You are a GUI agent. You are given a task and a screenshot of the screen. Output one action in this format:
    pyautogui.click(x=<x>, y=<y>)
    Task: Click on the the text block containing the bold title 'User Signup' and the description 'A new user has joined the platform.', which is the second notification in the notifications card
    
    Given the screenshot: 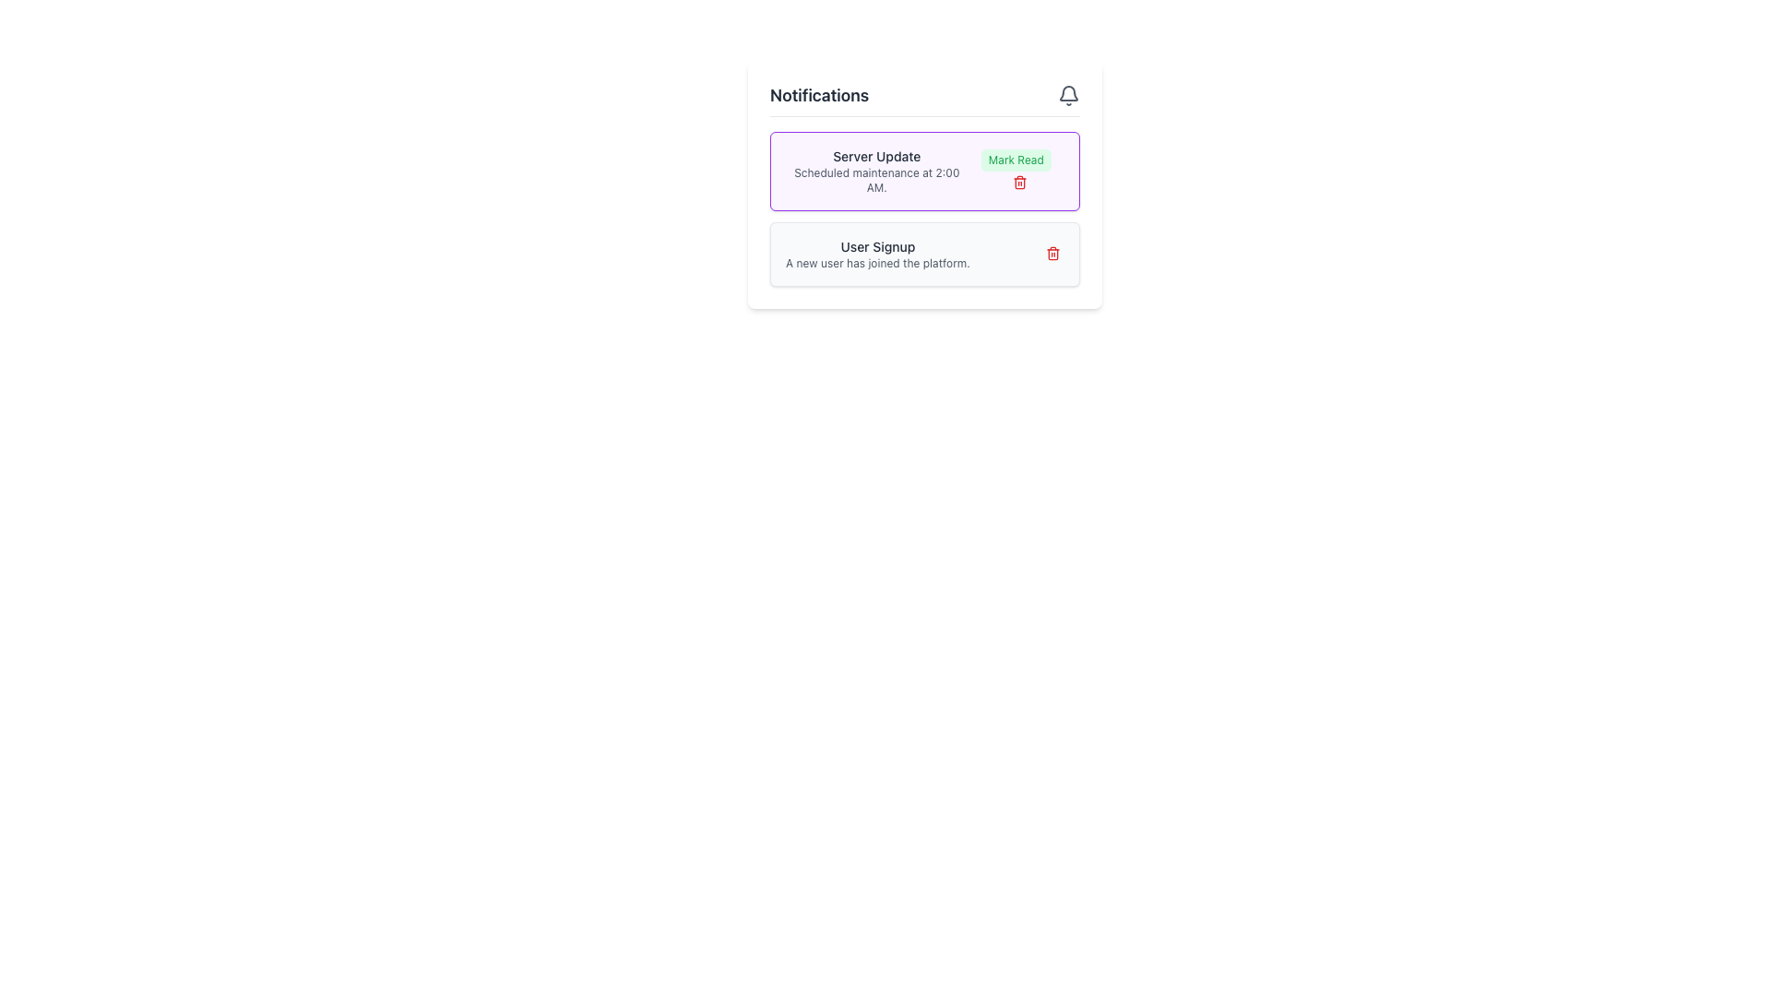 What is the action you would take?
    pyautogui.click(x=876, y=255)
    